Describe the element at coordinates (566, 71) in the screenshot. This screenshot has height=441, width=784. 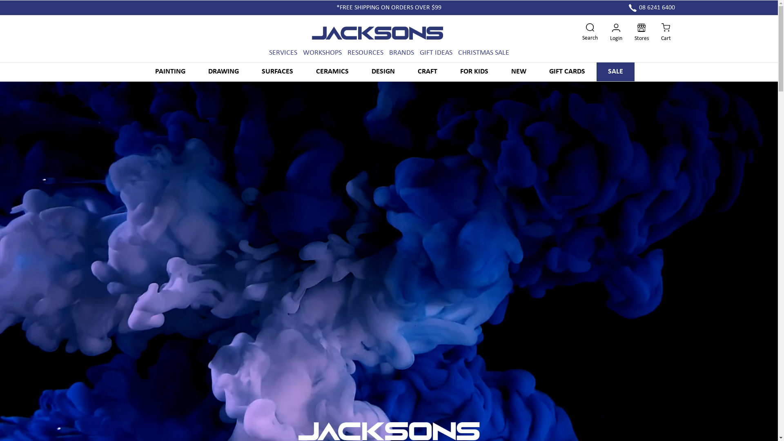
I see `'GIFT CARDS'` at that location.